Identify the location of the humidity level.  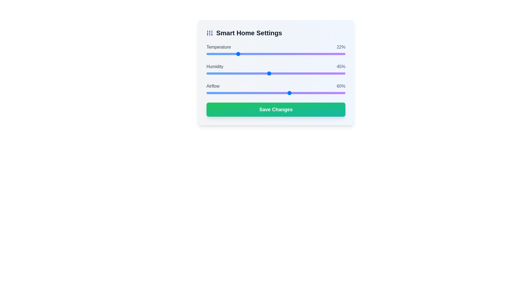
(245, 73).